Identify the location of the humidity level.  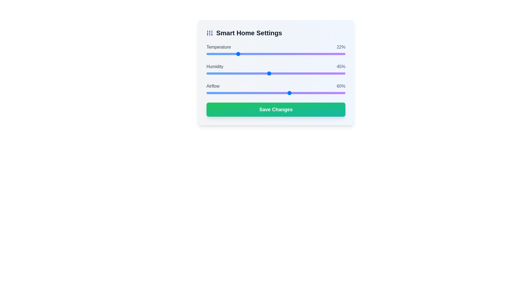
(245, 73).